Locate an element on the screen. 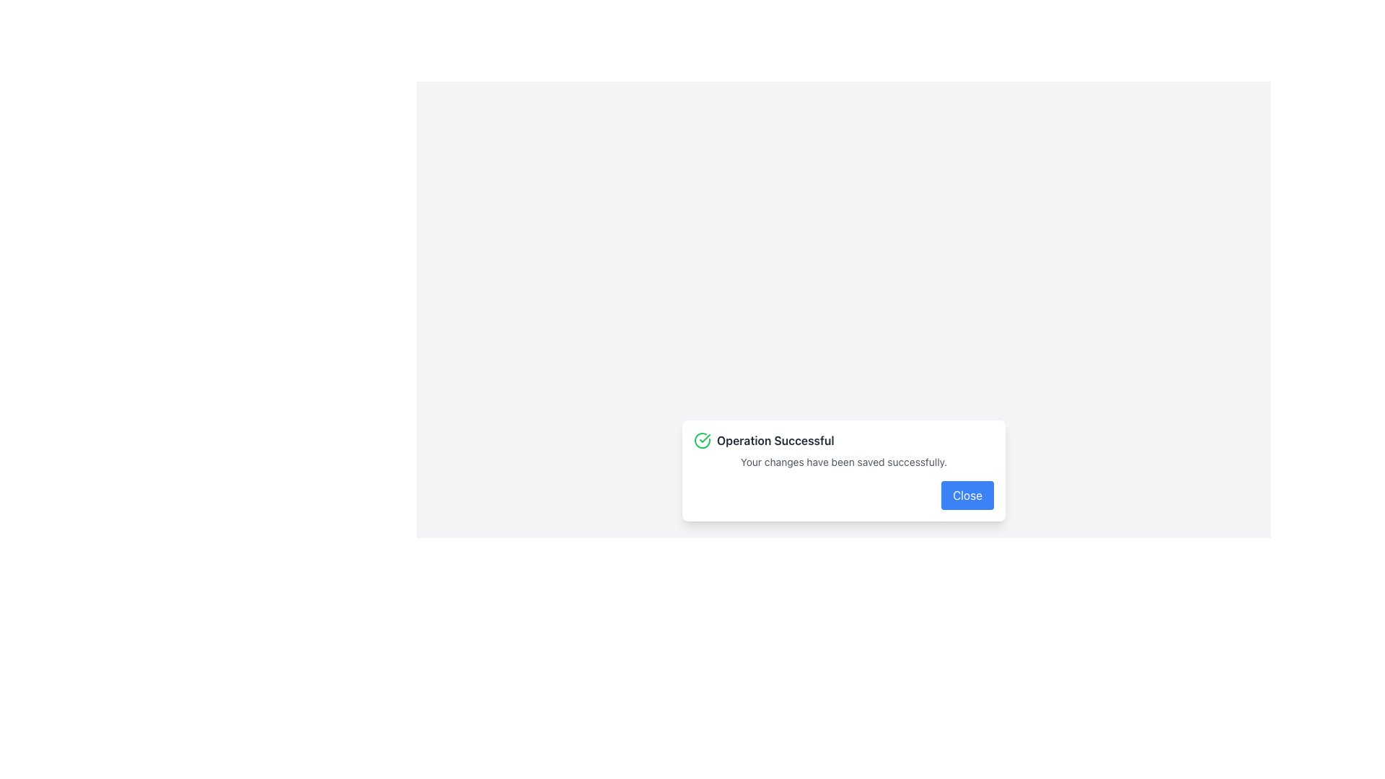 Image resolution: width=1385 pixels, height=779 pixels. the text label that indicates the success of an operation within the notification box to potentially trigger a tooltip is located at coordinates (775, 439).